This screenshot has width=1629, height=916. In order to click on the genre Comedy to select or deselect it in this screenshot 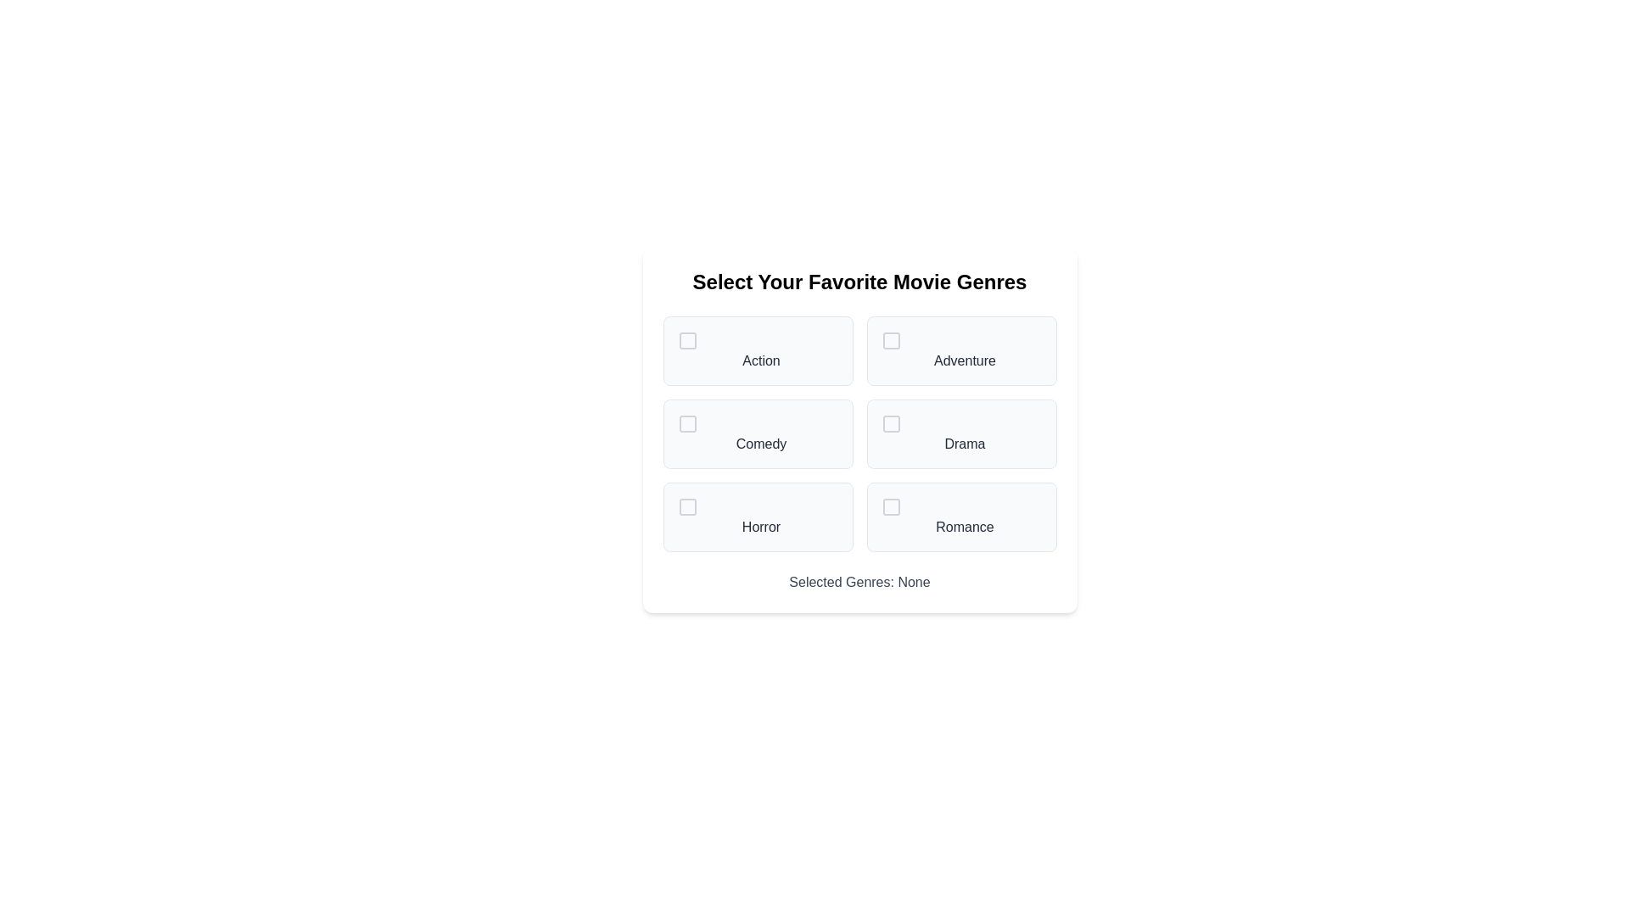, I will do `click(757, 433)`.